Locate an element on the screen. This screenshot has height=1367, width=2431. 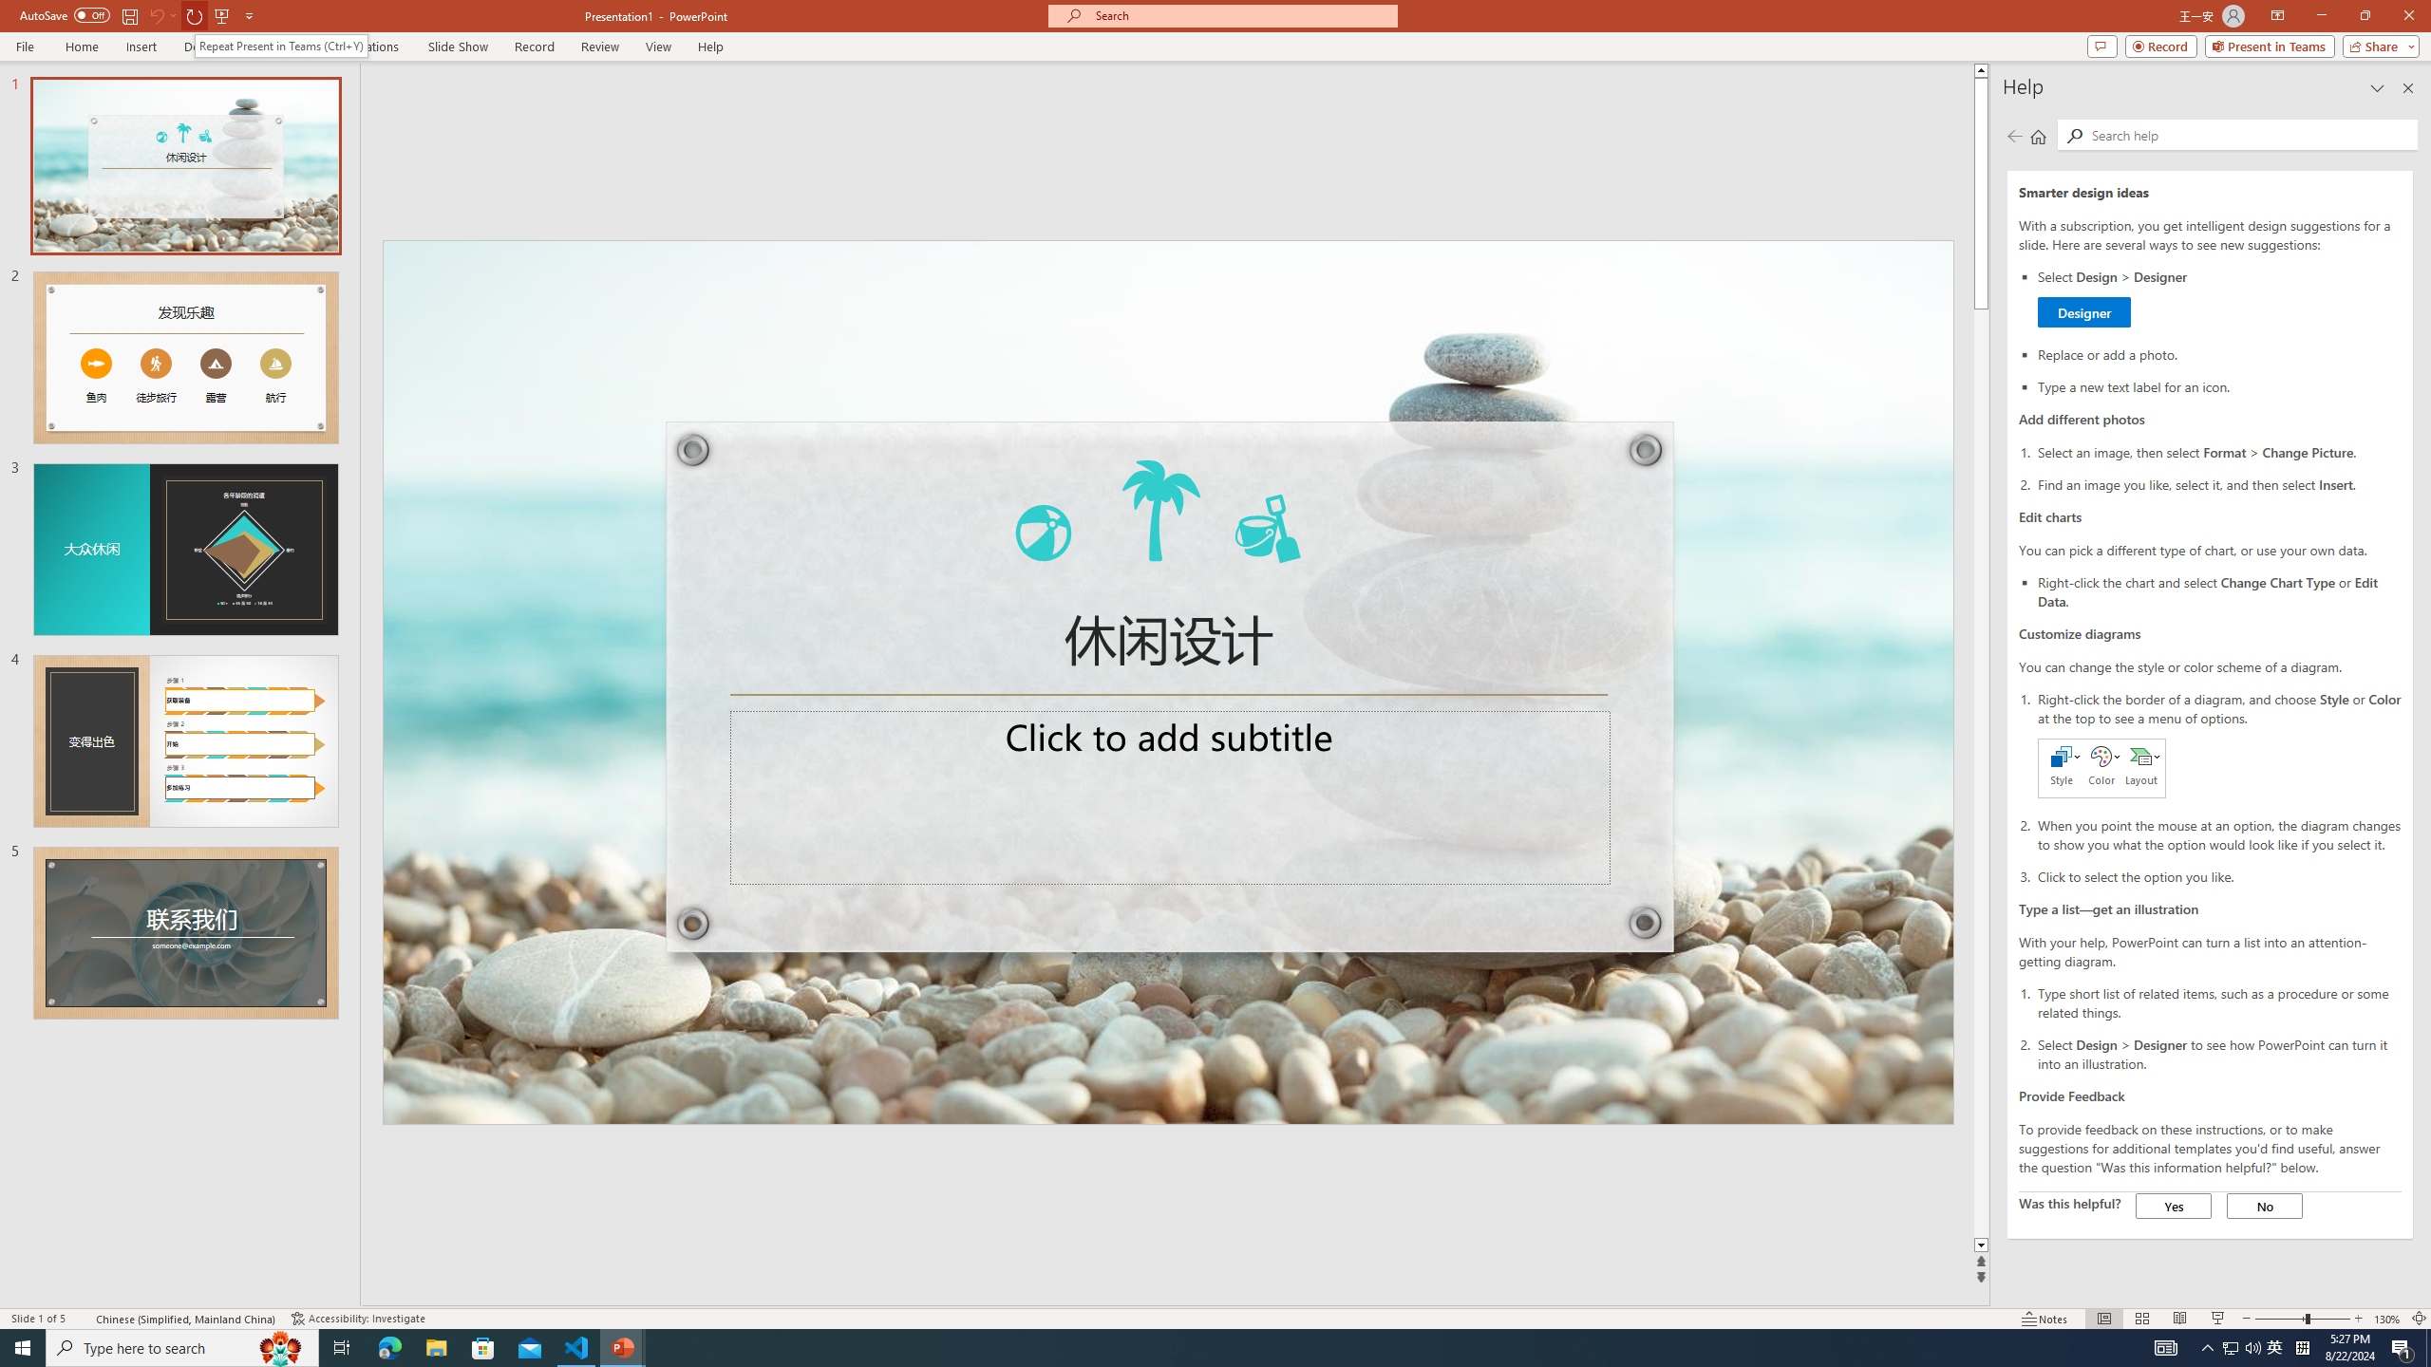
'Restore Down' is located at coordinates (2365, 15).